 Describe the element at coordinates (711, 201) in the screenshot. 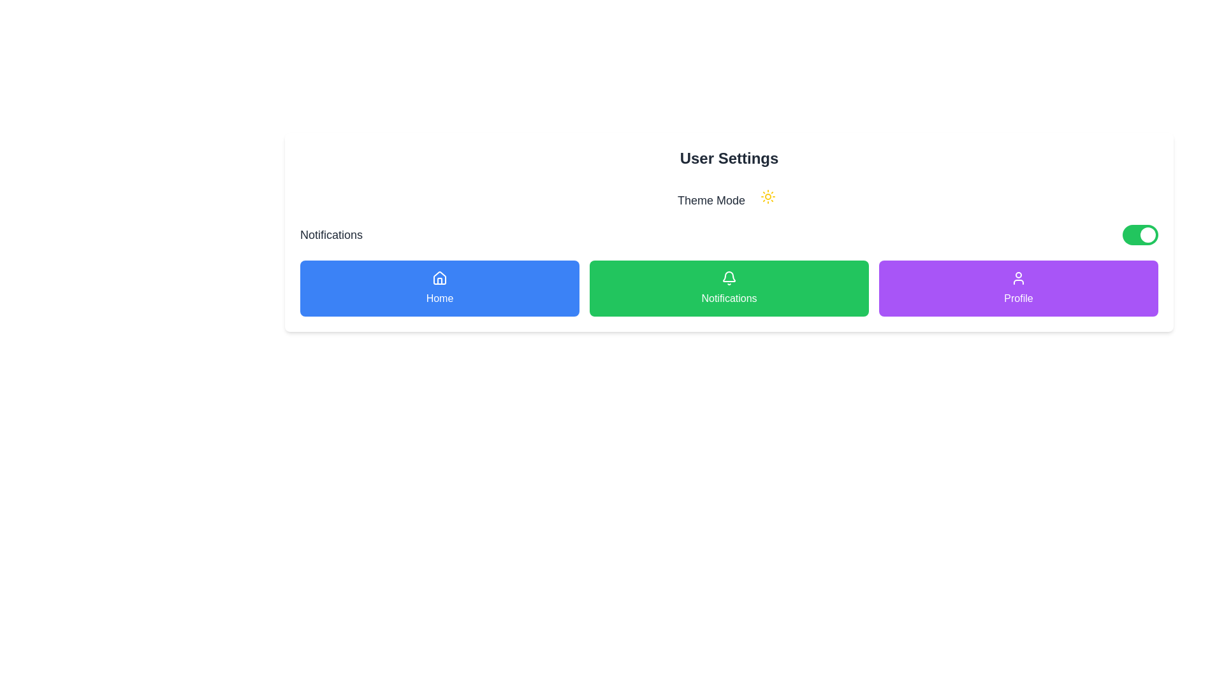

I see `the 'Theme Mode' text label, which is styled prominently and positioned centrally below the 'User Settings' header, adjacent to a sun icon` at that location.